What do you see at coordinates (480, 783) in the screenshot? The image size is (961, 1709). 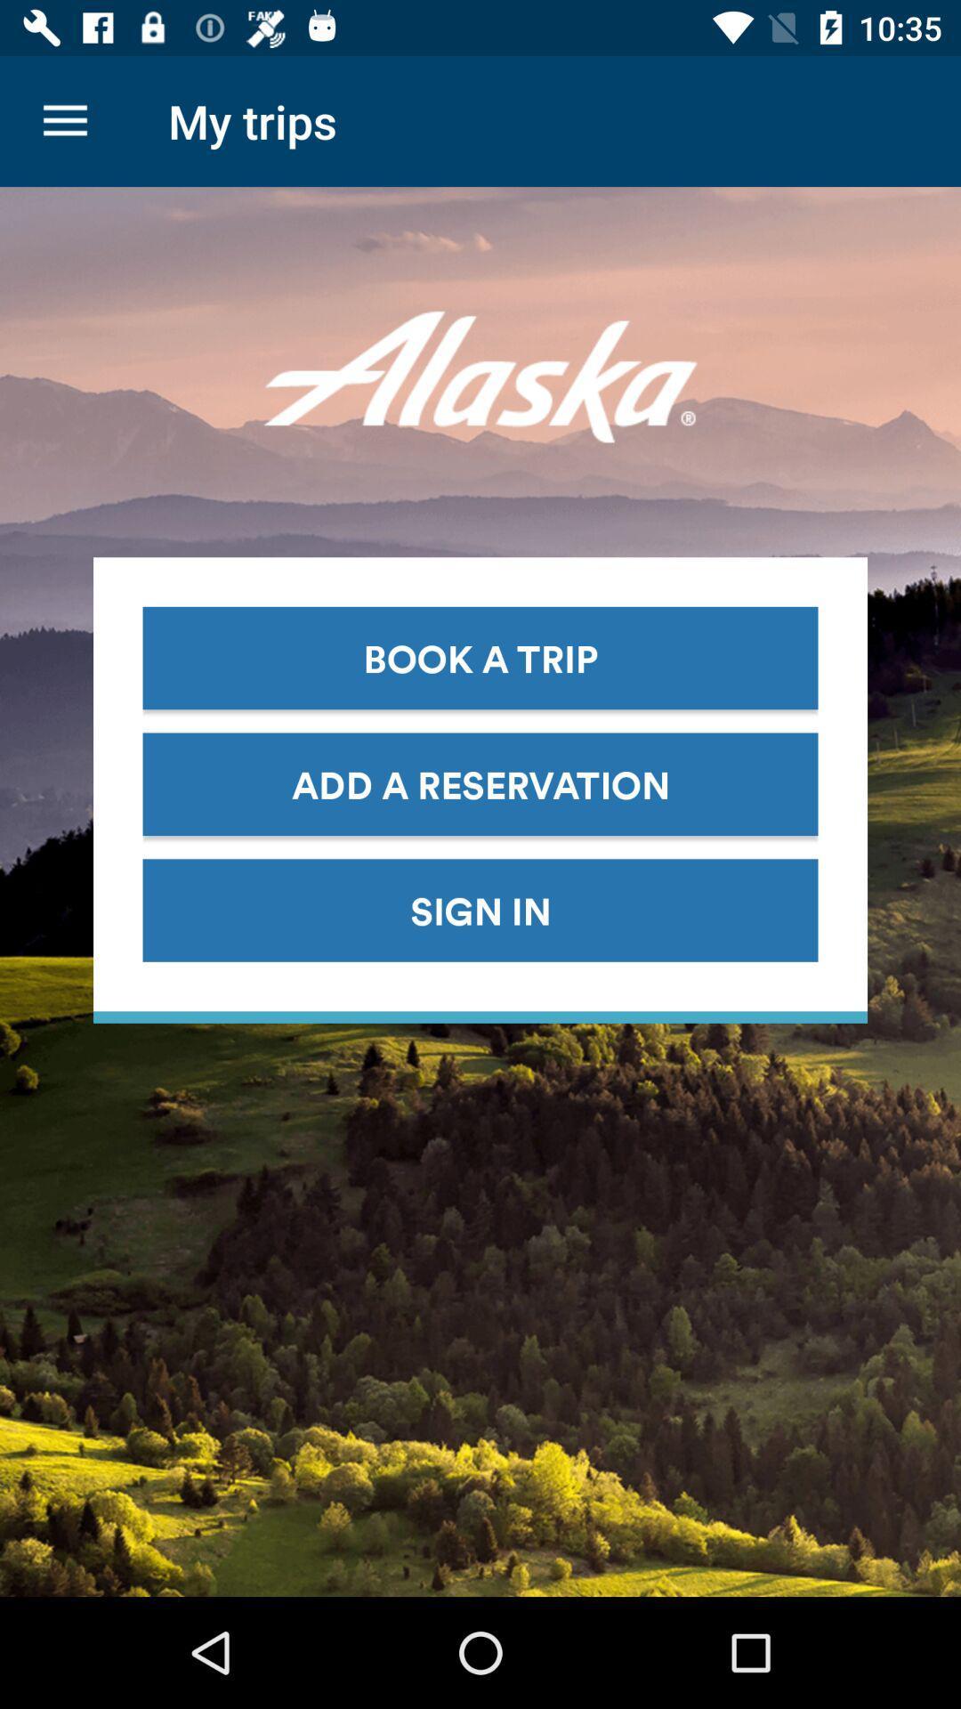 I see `the add a reservation icon` at bounding box center [480, 783].